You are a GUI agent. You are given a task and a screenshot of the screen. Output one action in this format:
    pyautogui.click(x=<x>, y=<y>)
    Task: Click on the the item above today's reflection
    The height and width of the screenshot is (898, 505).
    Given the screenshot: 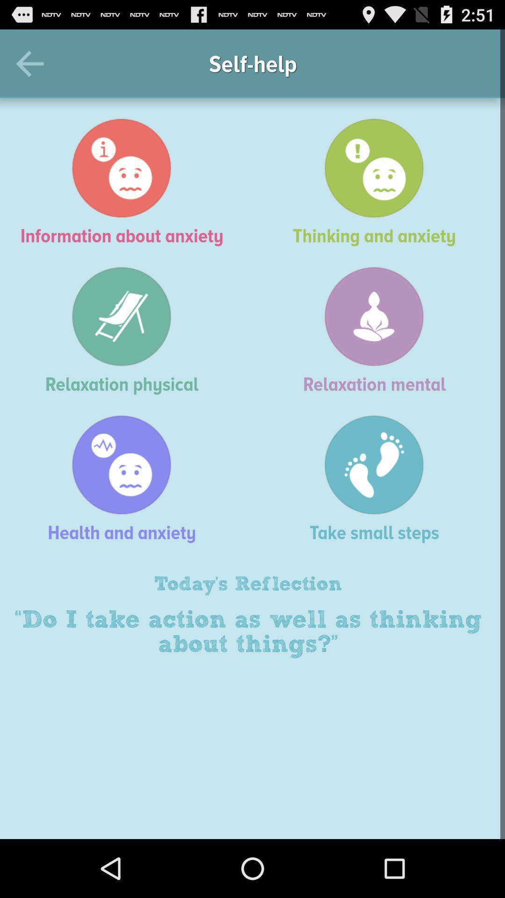 What is the action you would take?
    pyautogui.click(x=379, y=479)
    